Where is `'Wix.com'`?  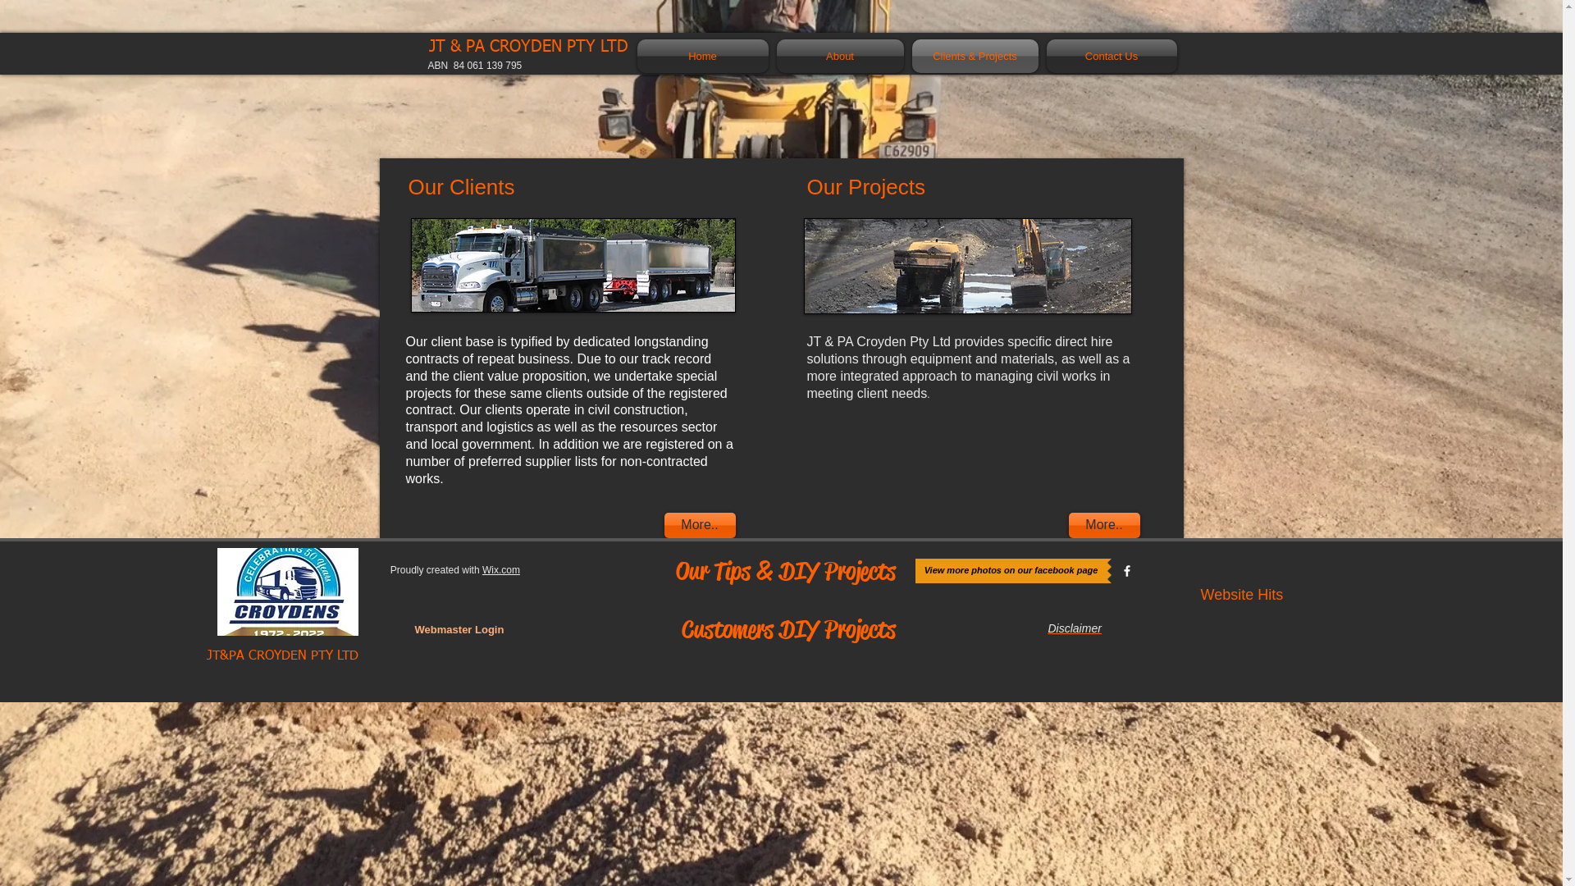
'Wix.com' is located at coordinates (482, 569).